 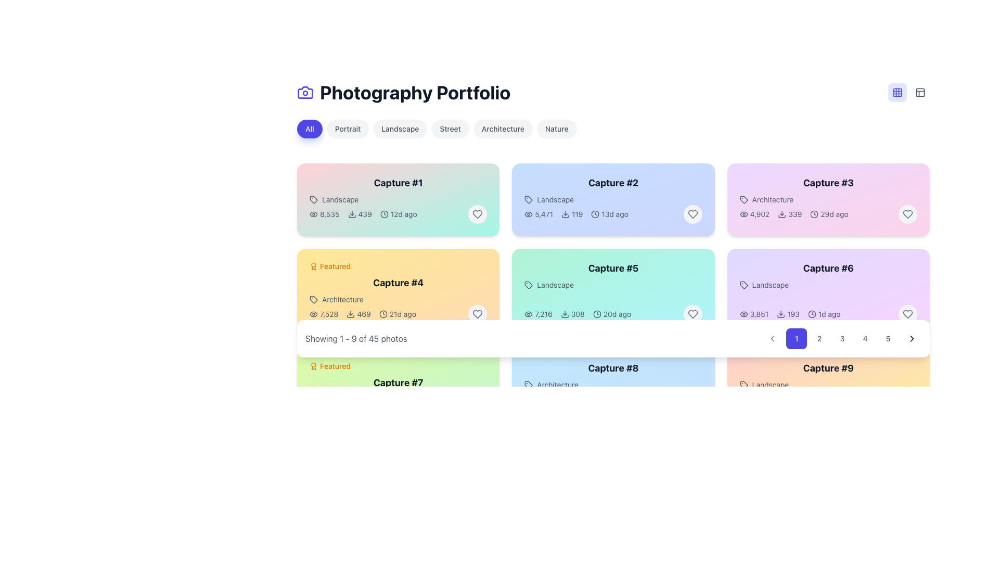 I want to click on the 'Architecture' button, which is a rectangular button with a light gray background and dark gray text, so click(x=503, y=128).